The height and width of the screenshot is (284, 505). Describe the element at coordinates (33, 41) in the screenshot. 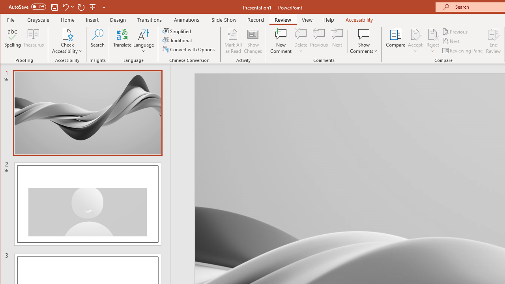

I see `'Thesaurus...'` at that location.